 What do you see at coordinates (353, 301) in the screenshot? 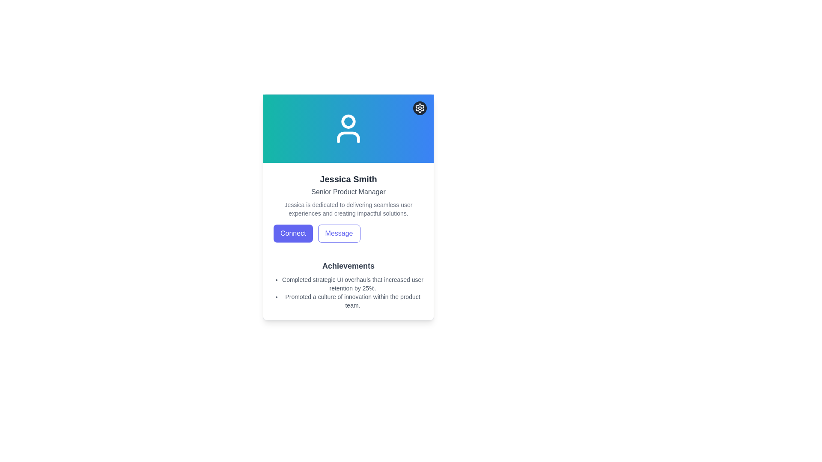
I see `the text item displaying 'Promoted a culture of innovation within the product team.' in the Achievements section, which is the second item in a bullet-point list` at bounding box center [353, 301].